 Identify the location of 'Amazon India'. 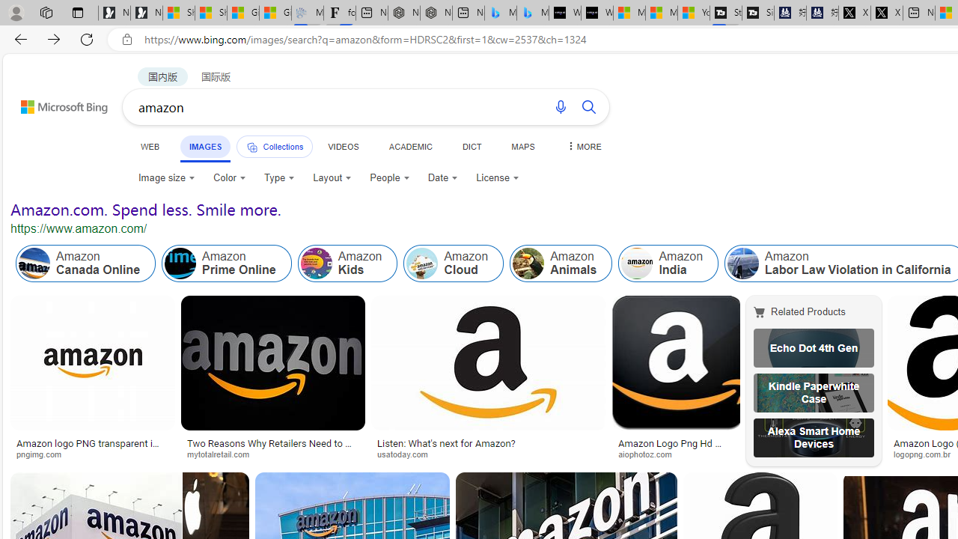
(668, 263).